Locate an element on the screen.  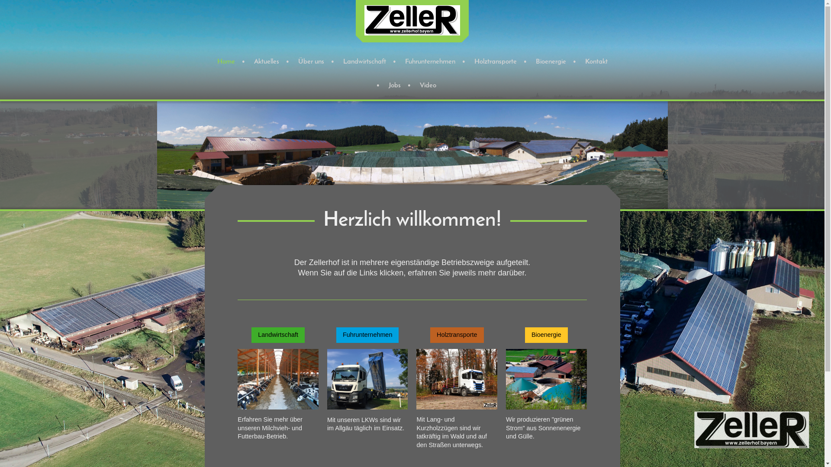
'Holztransporte' is located at coordinates (457, 334).